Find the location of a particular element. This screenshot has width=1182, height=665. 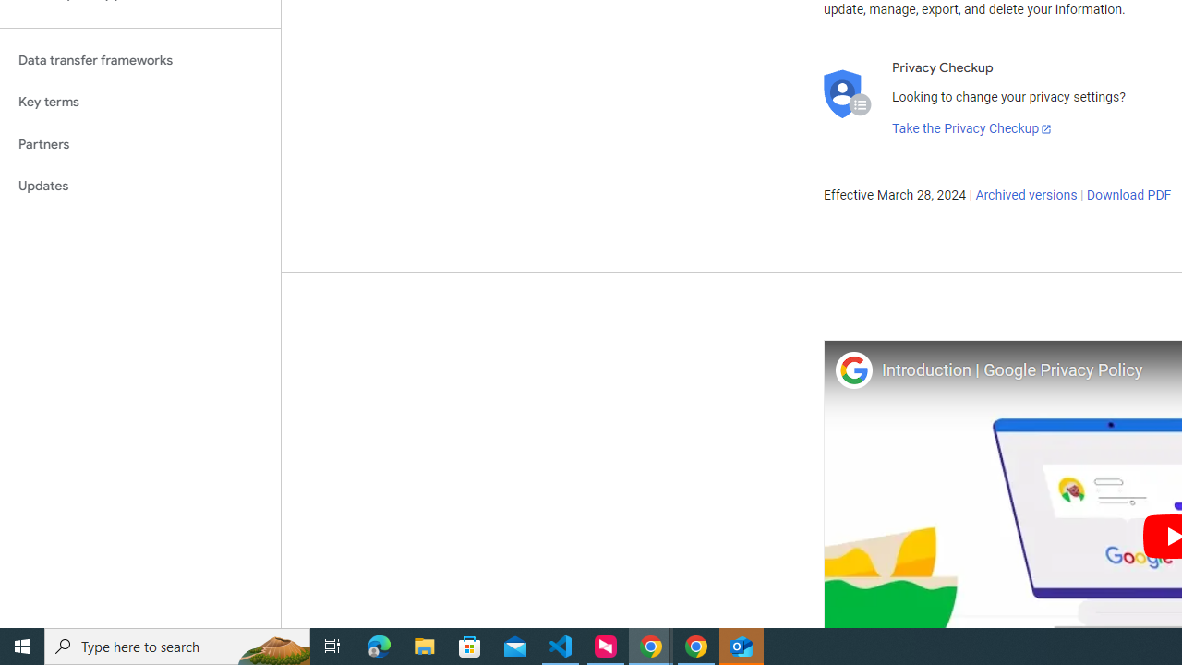

'Take the Privacy Checkup' is located at coordinates (971, 128).